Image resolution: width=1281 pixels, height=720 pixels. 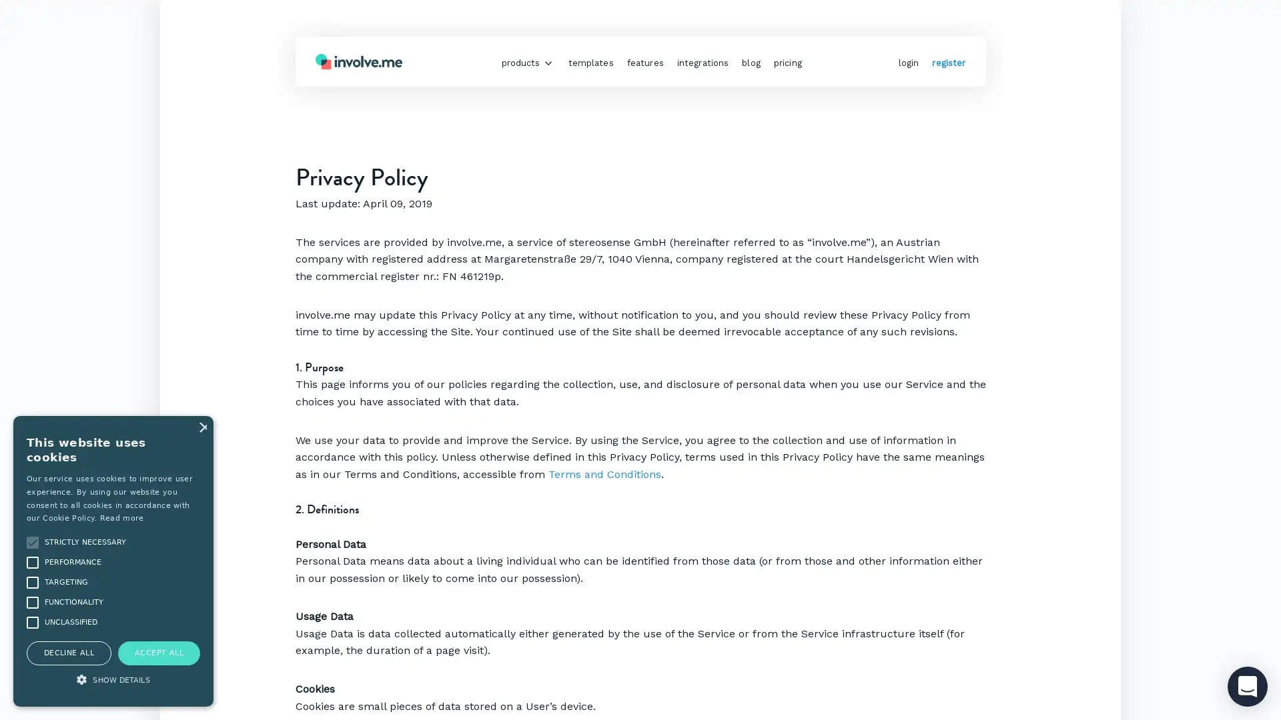 What do you see at coordinates (159, 652) in the screenshot?
I see `ACCEPT ALL` at bounding box center [159, 652].